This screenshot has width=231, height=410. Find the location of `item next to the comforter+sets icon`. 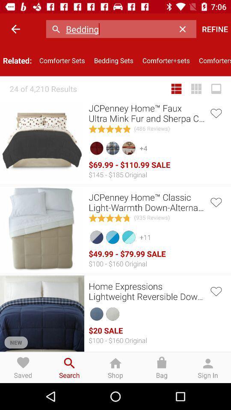

item next to the comforter+sets icon is located at coordinates (113, 60).